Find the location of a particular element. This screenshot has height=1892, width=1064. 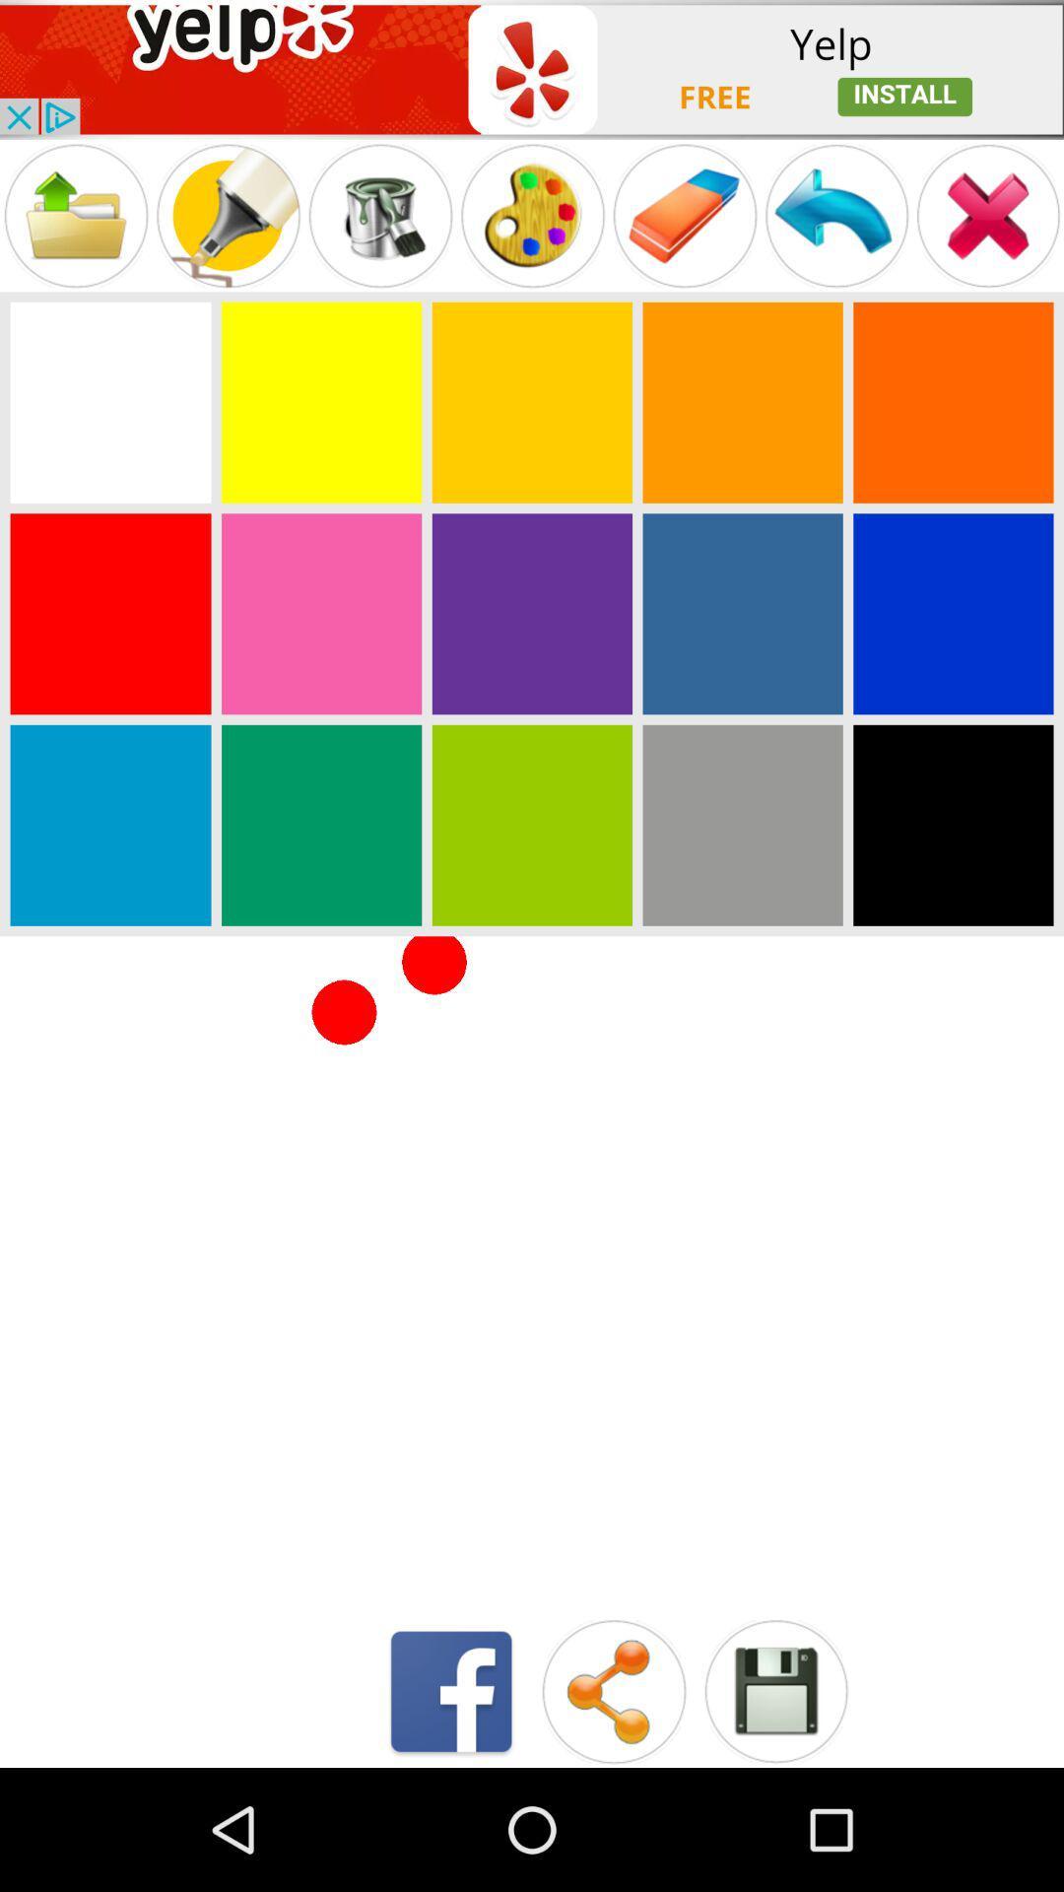

background colour option is located at coordinates (532, 613).